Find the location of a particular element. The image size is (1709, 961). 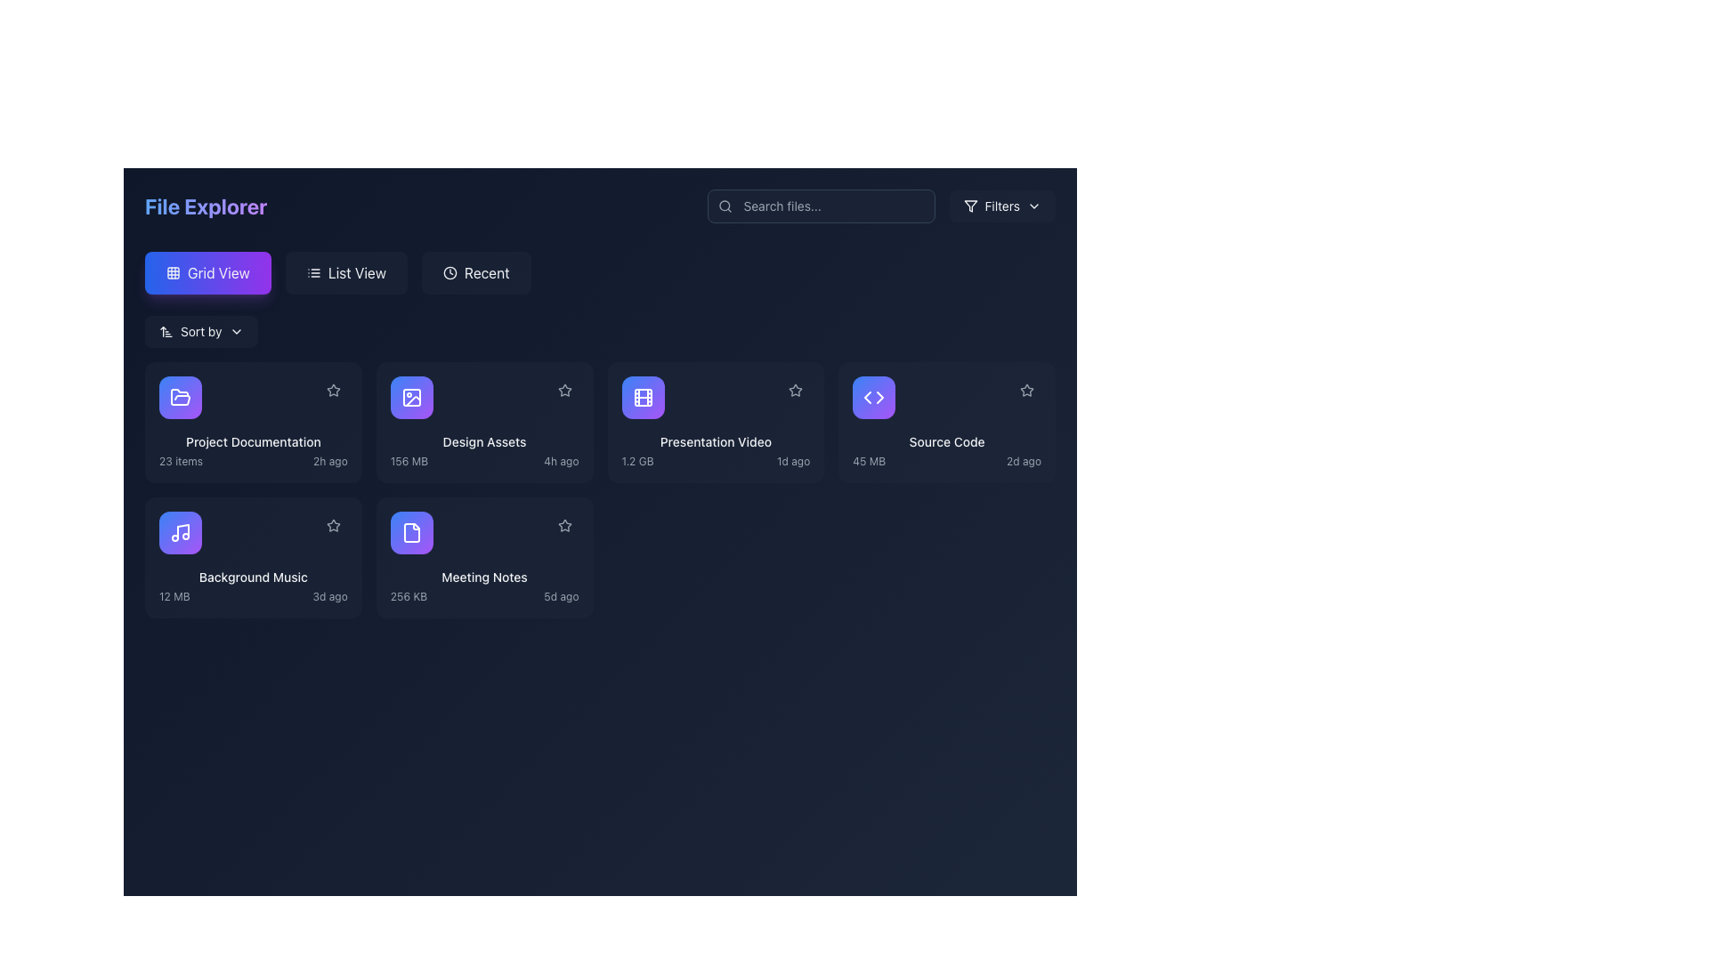

the star icon button styled as a favorite marker located in the top-right corner of the 'Presentation Video' card is located at coordinates (795, 390).